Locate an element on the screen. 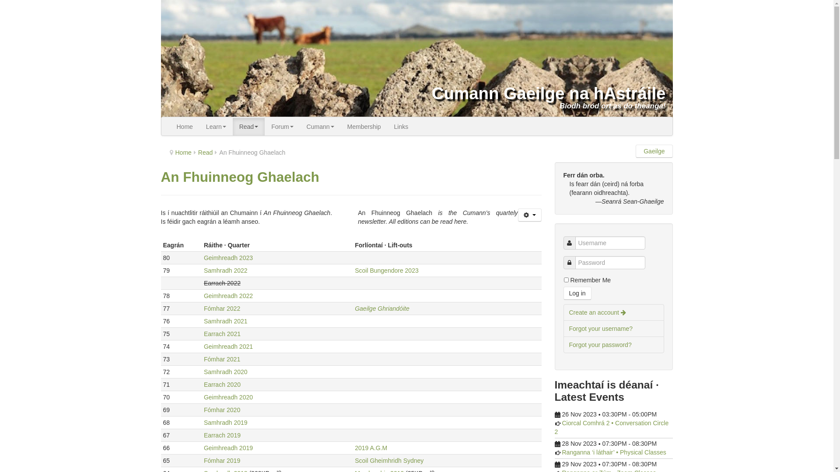 This screenshot has height=472, width=840. 'Learn' is located at coordinates (216, 126).